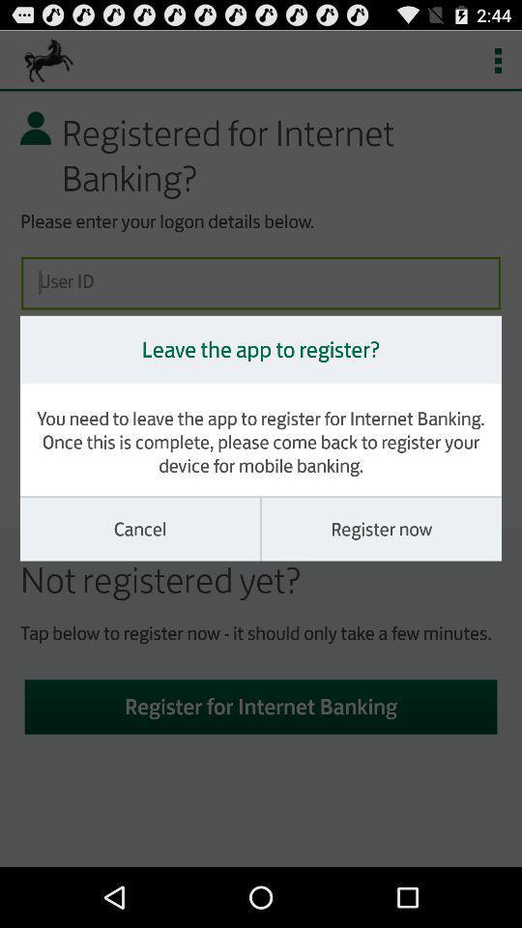 Image resolution: width=522 pixels, height=928 pixels. Describe the element at coordinates (381, 529) in the screenshot. I see `the register now` at that location.